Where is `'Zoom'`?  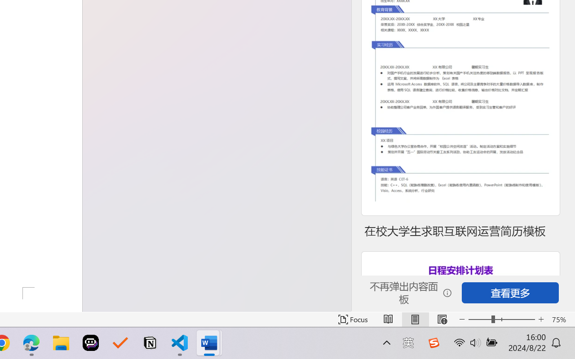
'Zoom' is located at coordinates (501, 319).